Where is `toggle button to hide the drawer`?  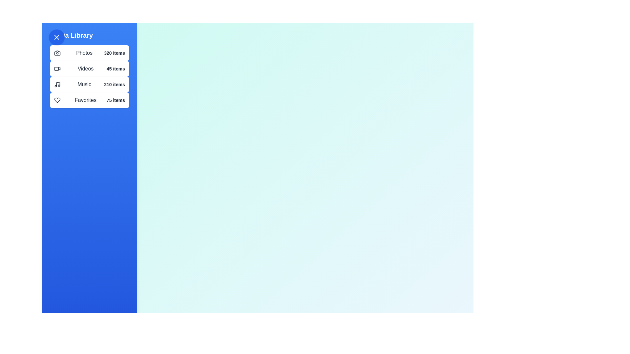
toggle button to hide the drawer is located at coordinates (56, 37).